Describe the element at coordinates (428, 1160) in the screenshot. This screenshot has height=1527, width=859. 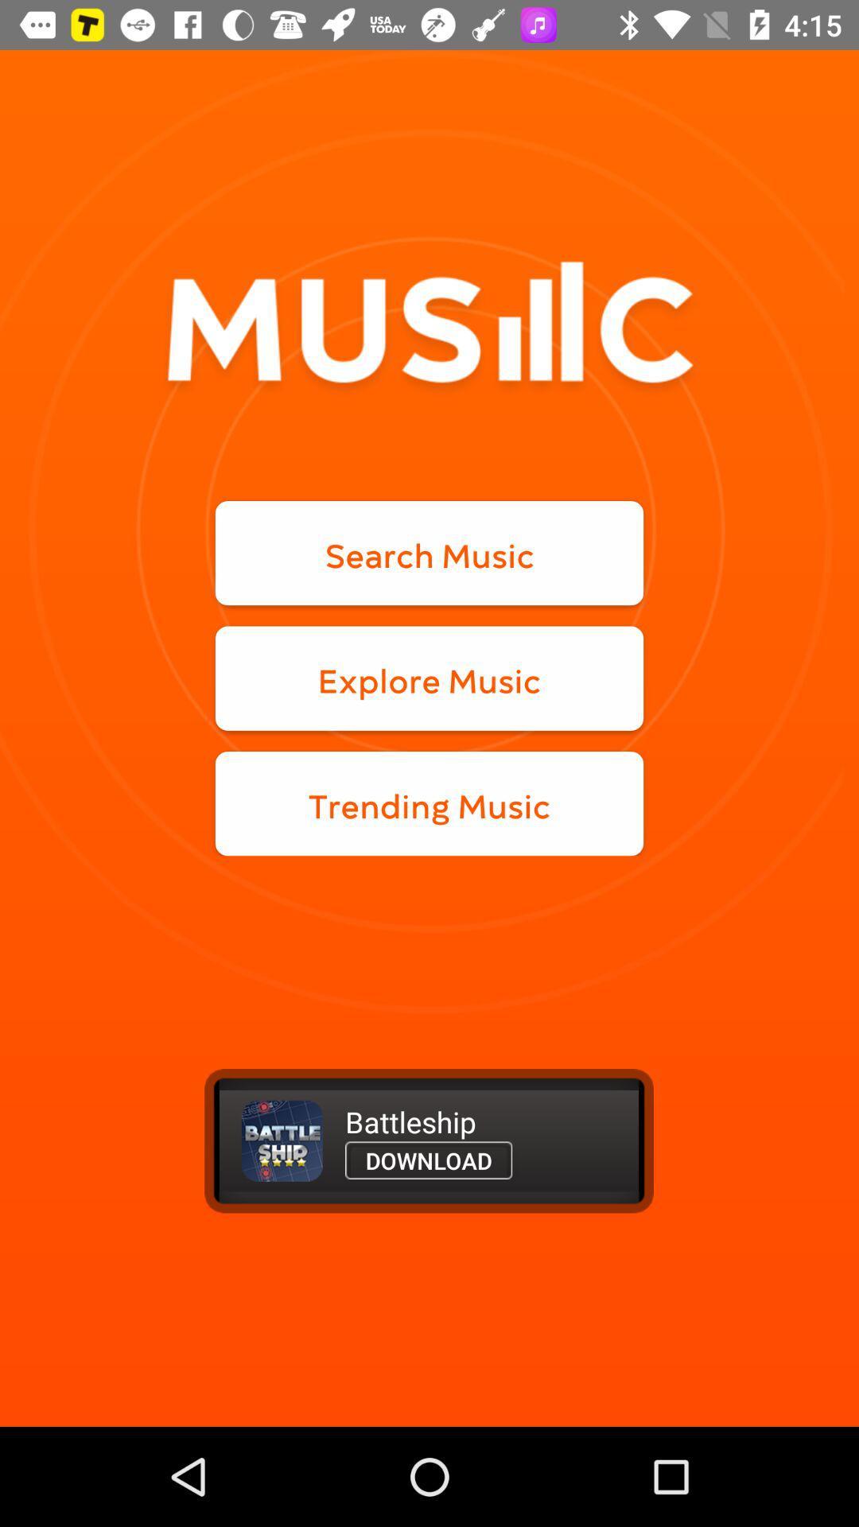
I see `the download icon` at that location.